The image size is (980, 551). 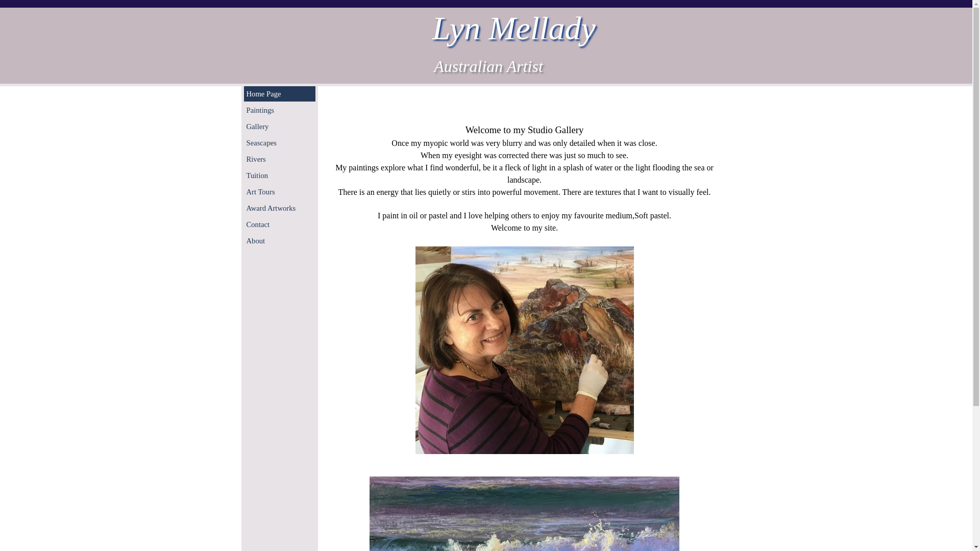 What do you see at coordinates (279, 208) in the screenshot?
I see `'Award Artworks'` at bounding box center [279, 208].